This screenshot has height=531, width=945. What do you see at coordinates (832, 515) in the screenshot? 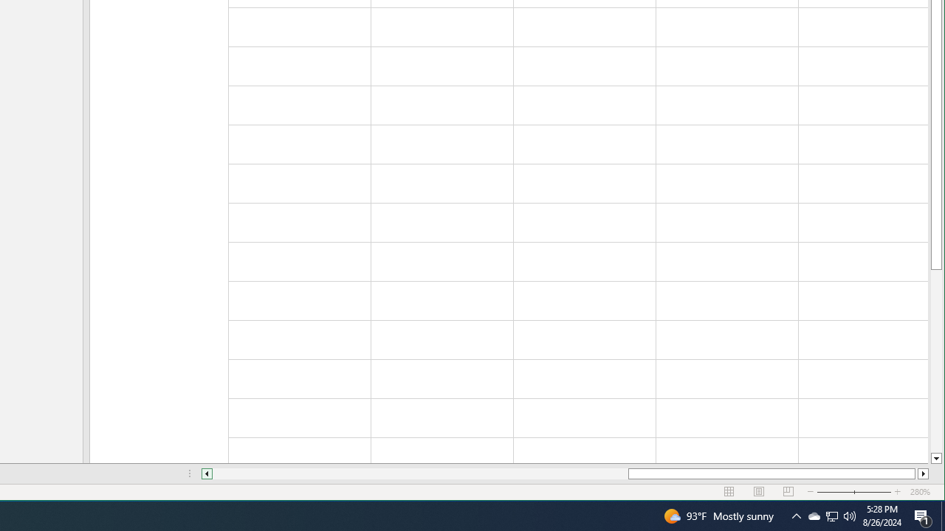
I see `'User Promoted Notification Area'` at bounding box center [832, 515].